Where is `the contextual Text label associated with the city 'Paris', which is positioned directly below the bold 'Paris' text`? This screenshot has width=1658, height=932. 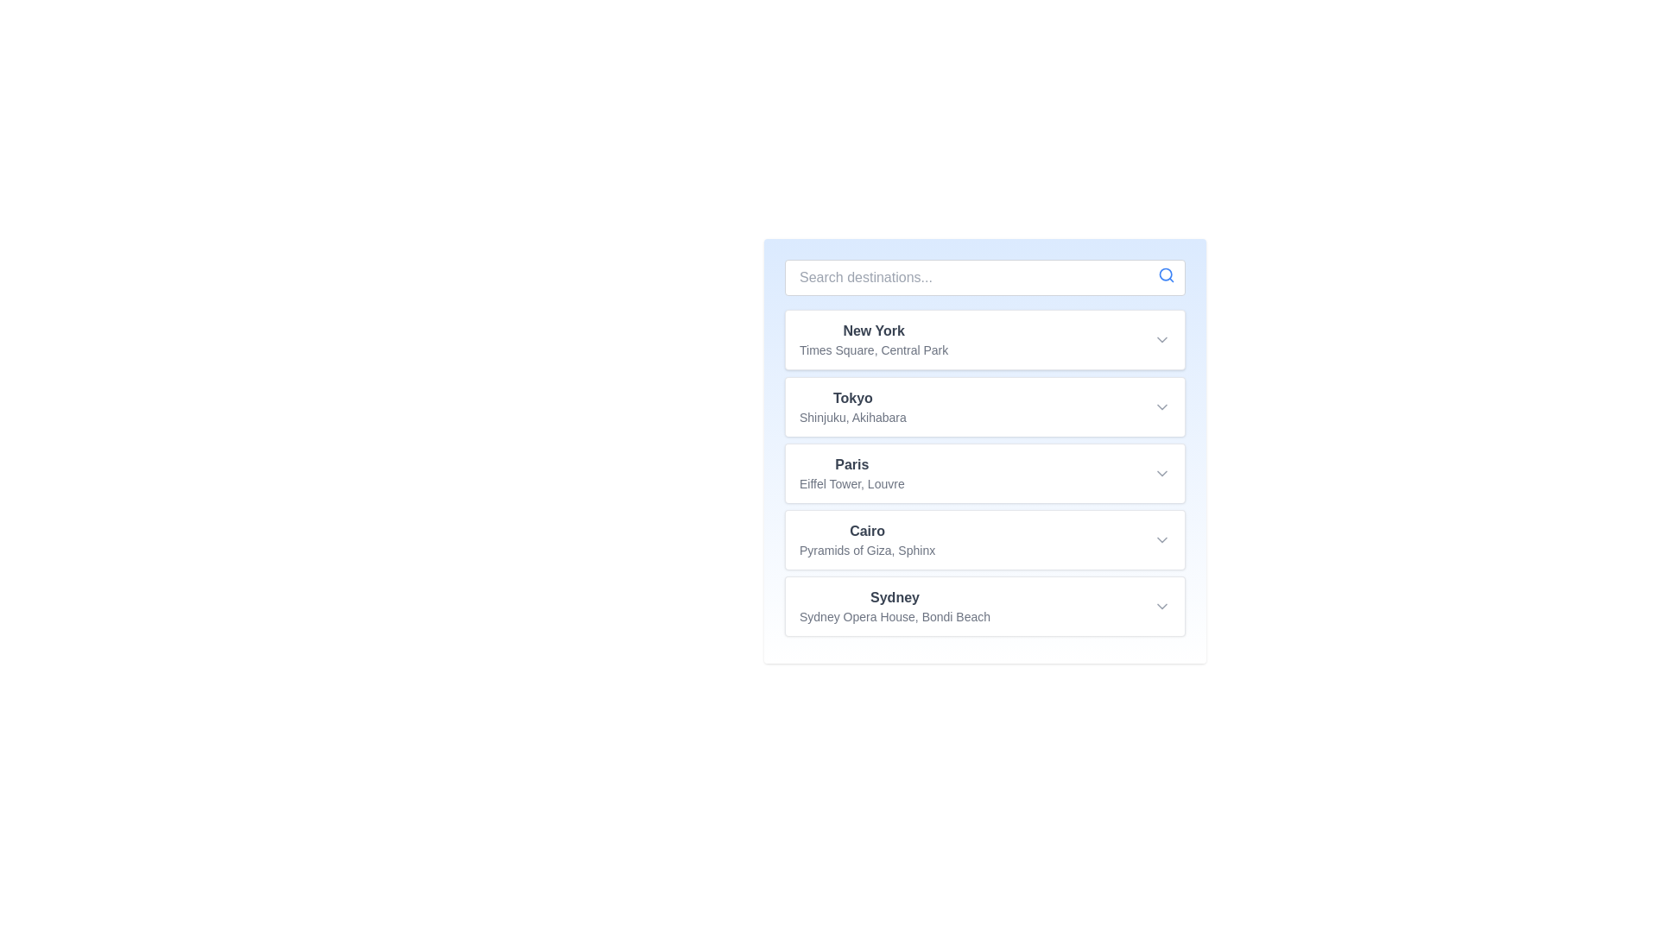 the contextual Text label associated with the city 'Paris', which is positioned directly below the bold 'Paris' text is located at coordinates (851, 483).